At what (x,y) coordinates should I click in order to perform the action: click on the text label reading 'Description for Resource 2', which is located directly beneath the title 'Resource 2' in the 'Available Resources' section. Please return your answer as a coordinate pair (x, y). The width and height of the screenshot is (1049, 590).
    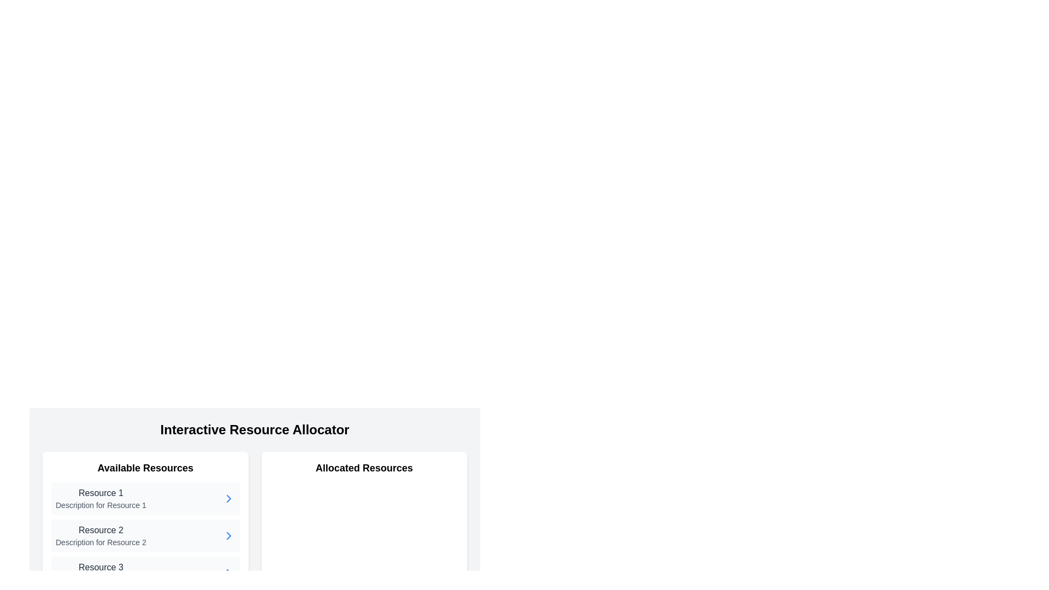
    Looking at the image, I should click on (101, 542).